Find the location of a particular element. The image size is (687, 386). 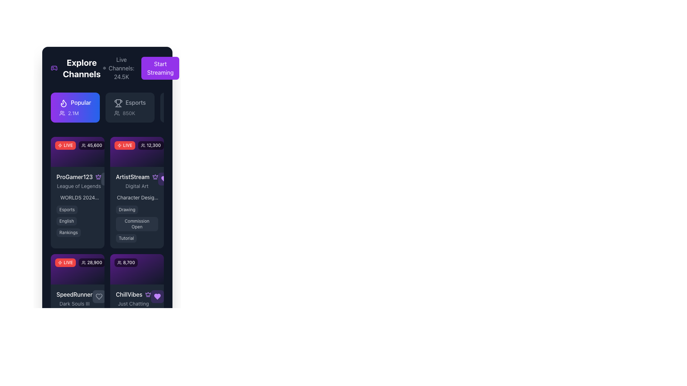

the 'Start Streaming' button with a vibrant purple background located in the header section, positioned between 'Explore Channels' and the 'Start Streaming' button, to trigger the hover effect is located at coordinates (141, 68).